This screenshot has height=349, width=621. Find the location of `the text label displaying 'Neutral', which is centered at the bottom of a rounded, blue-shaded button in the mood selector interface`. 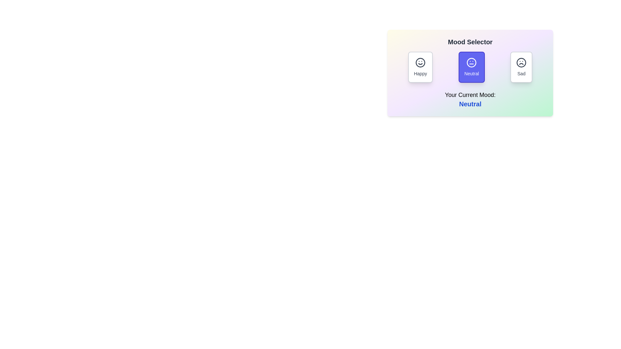

the text label displaying 'Neutral', which is centered at the bottom of a rounded, blue-shaded button in the mood selector interface is located at coordinates (472, 73).